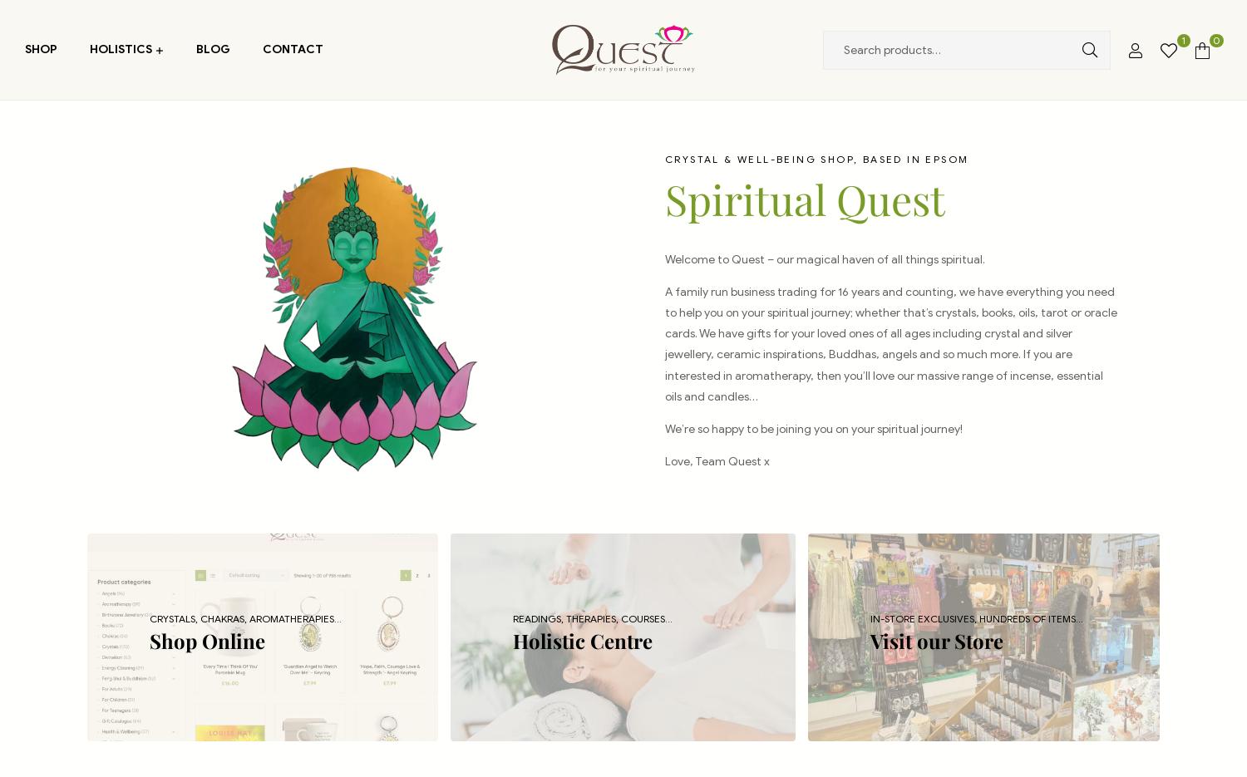 This screenshot has height=777, width=1247. Describe the element at coordinates (581, 638) in the screenshot. I see `'Holistic Centre'` at that location.